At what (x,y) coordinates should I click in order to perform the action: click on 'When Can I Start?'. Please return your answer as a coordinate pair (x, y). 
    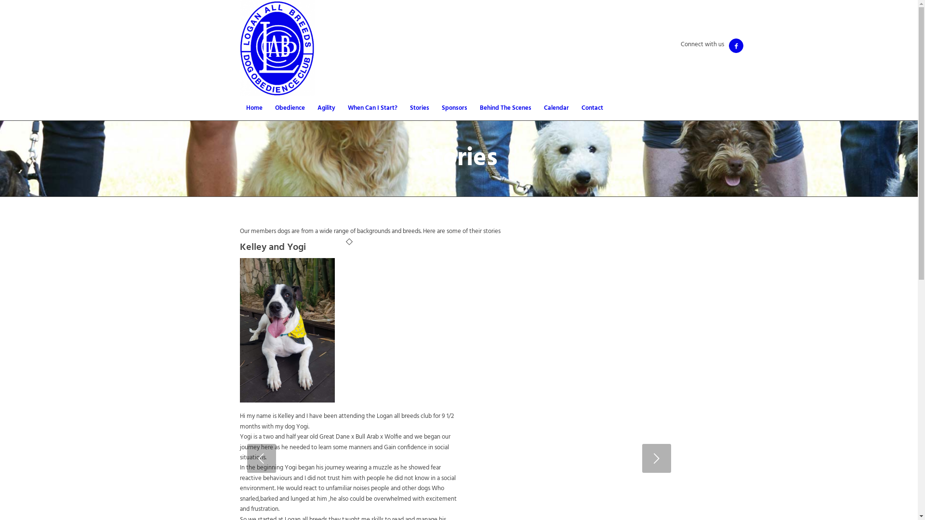
    Looking at the image, I should click on (371, 108).